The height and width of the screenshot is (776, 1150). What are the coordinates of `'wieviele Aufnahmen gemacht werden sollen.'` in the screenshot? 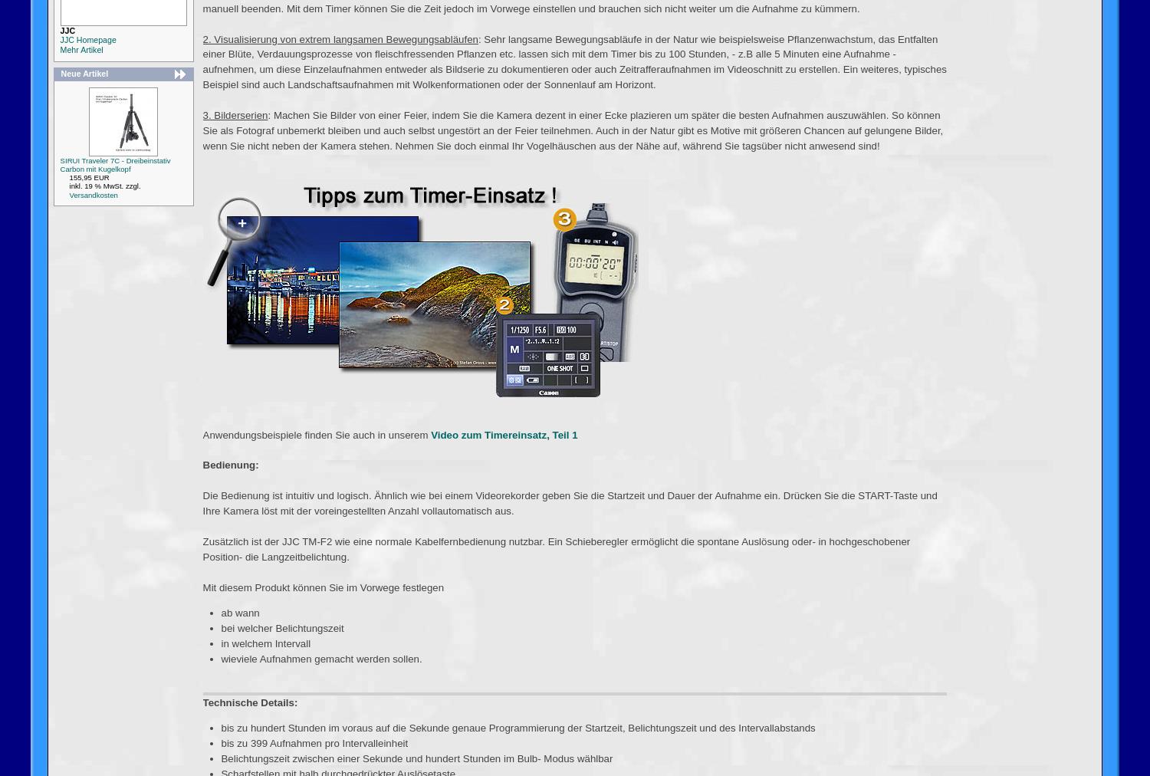 It's located at (320, 657).